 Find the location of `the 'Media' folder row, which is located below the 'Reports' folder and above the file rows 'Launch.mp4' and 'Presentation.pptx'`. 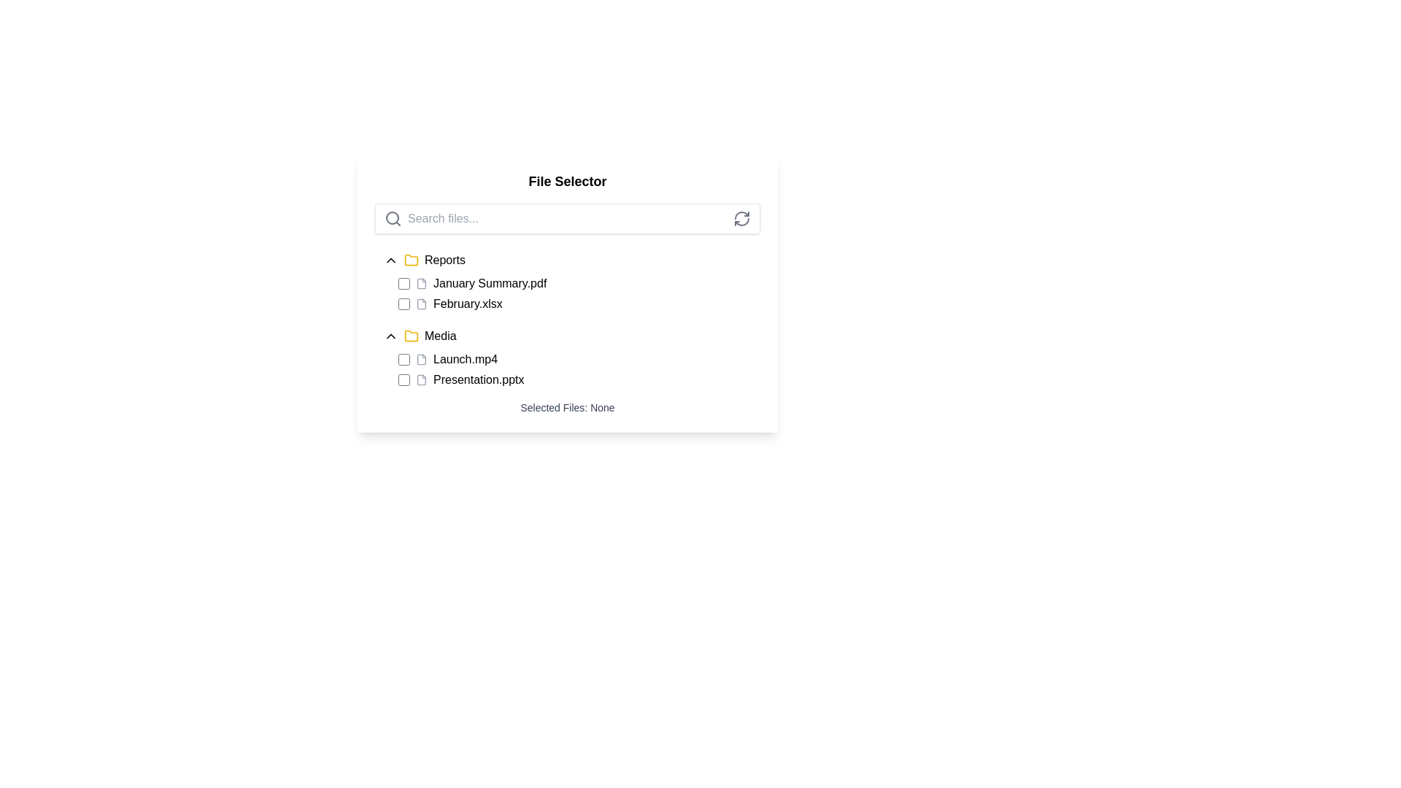

the 'Media' folder row, which is located below the 'Reports' folder and above the file rows 'Launch.mp4' and 'Presentation.pptx' is located at coordinates (566, 336).